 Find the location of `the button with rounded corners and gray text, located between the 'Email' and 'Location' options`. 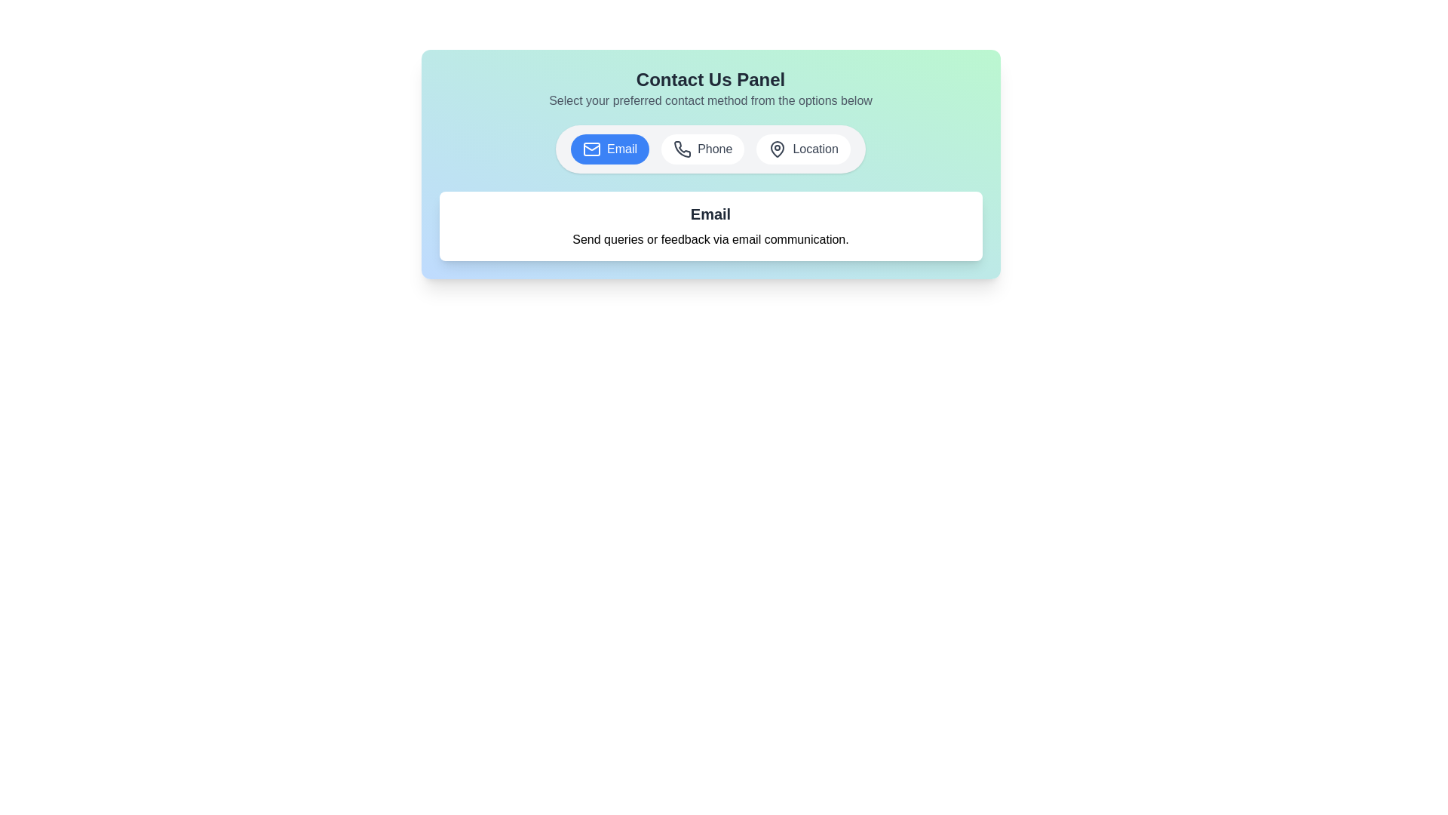

the button with rounded corners and gray text, located between the 'Email' and 'Location' options is located at coordinates (702, 149).